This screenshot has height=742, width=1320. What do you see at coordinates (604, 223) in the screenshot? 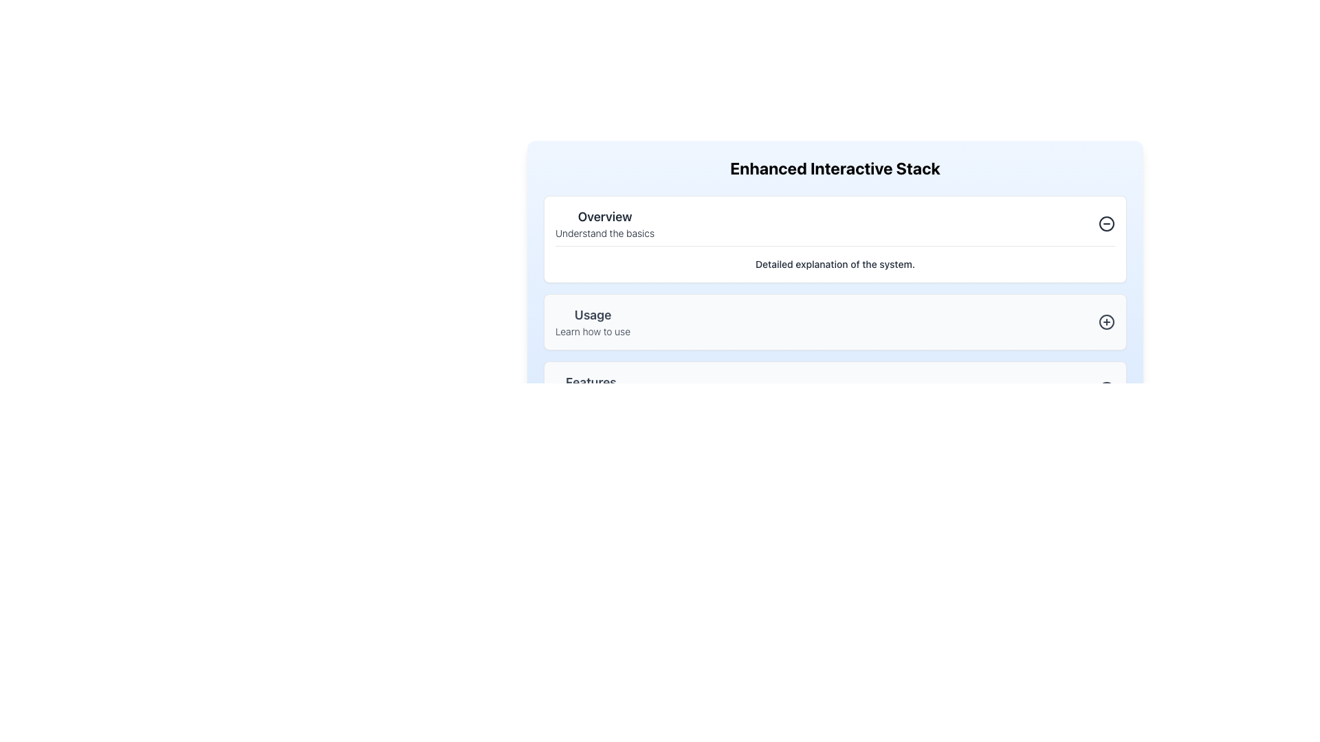
I see `on the text component that displays 'Overview' and 'Understand the basics'` at bounding box center [604, 223].